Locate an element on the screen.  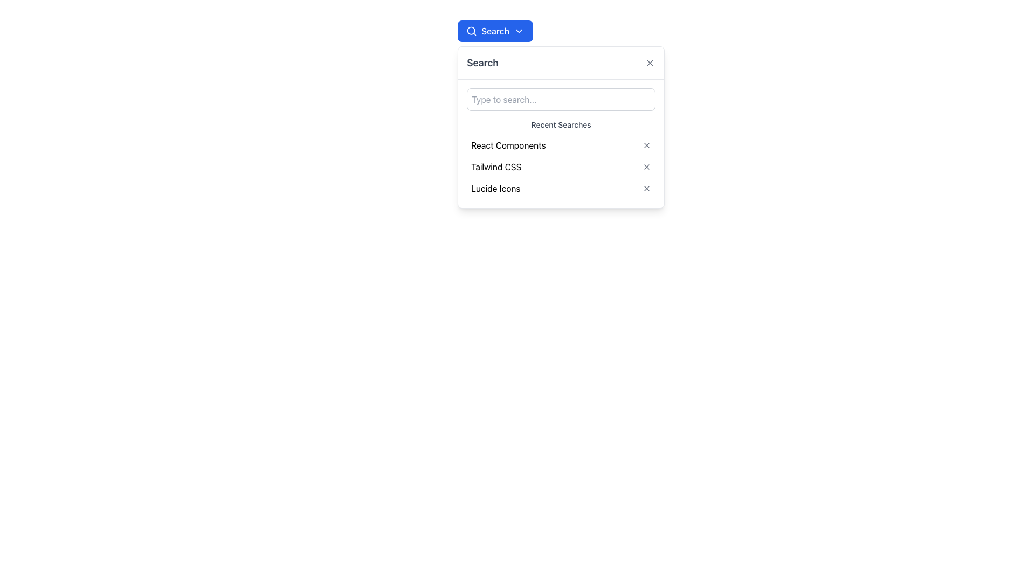
the Close Icon (X) located in the top-right corner of the Search dropdown panel is located at coordinates (650, 63).